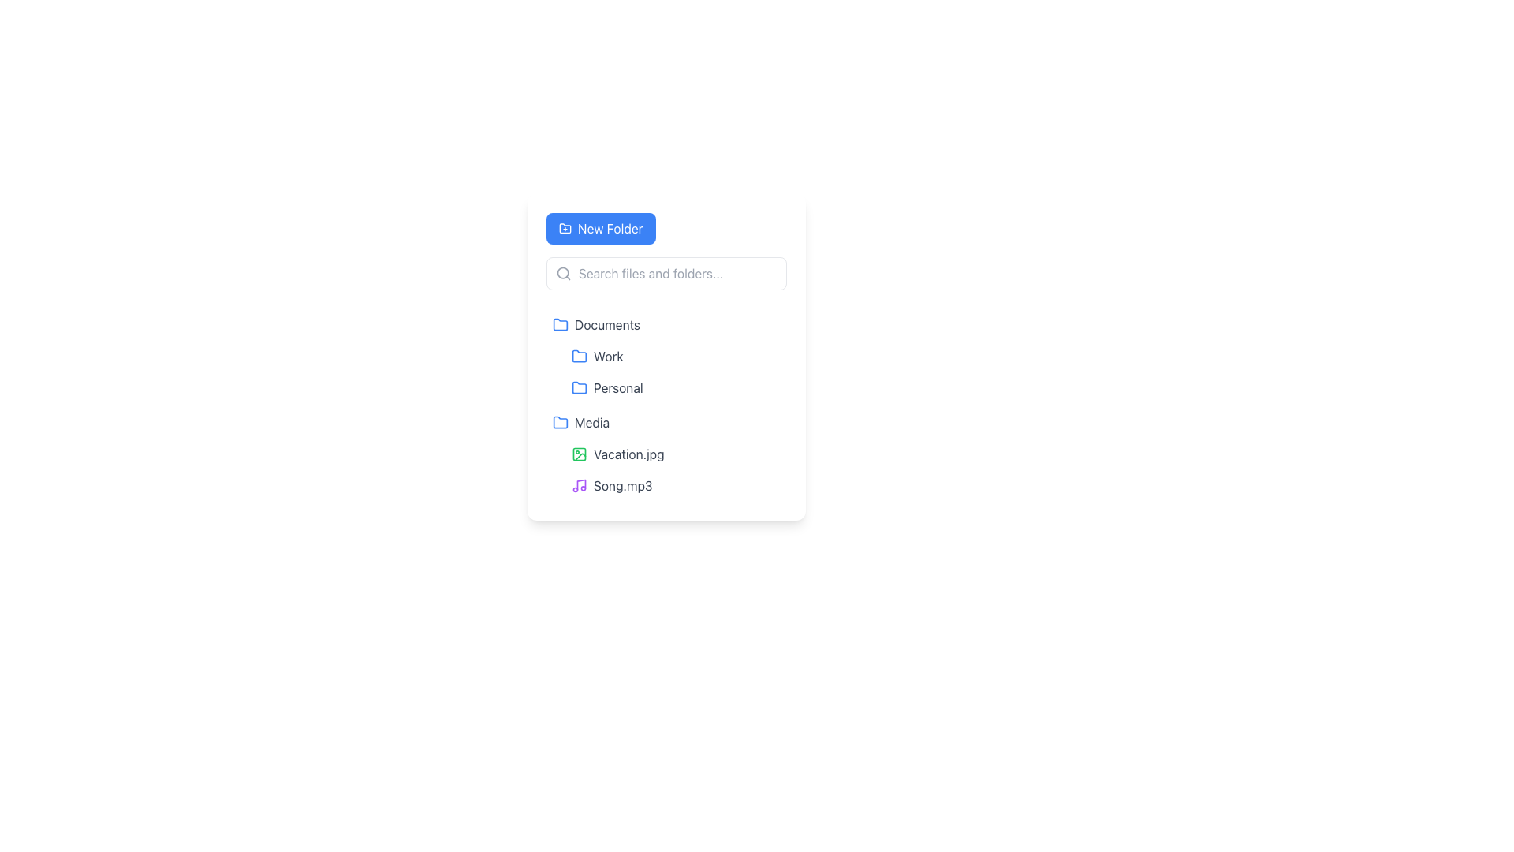 This screenshot has width=1514, height=852. What do you see at coordinates (606, 324) in the screenshot?
I see `the 'Documents' text label, which is associated with a folder icon and is the second item in the directory listing` at bounding box center [606, 324].